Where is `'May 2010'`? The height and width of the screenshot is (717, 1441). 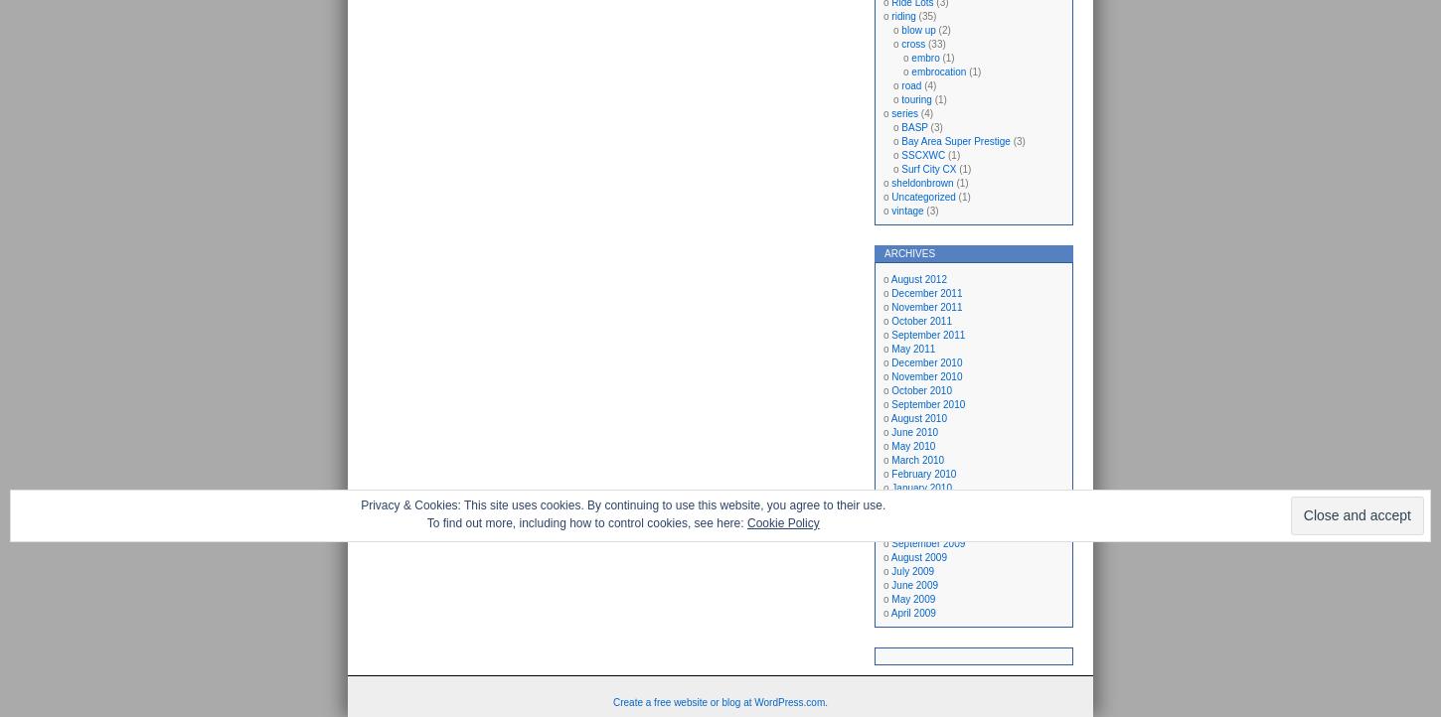
'May 2010' is located at coordinates (889, 445).